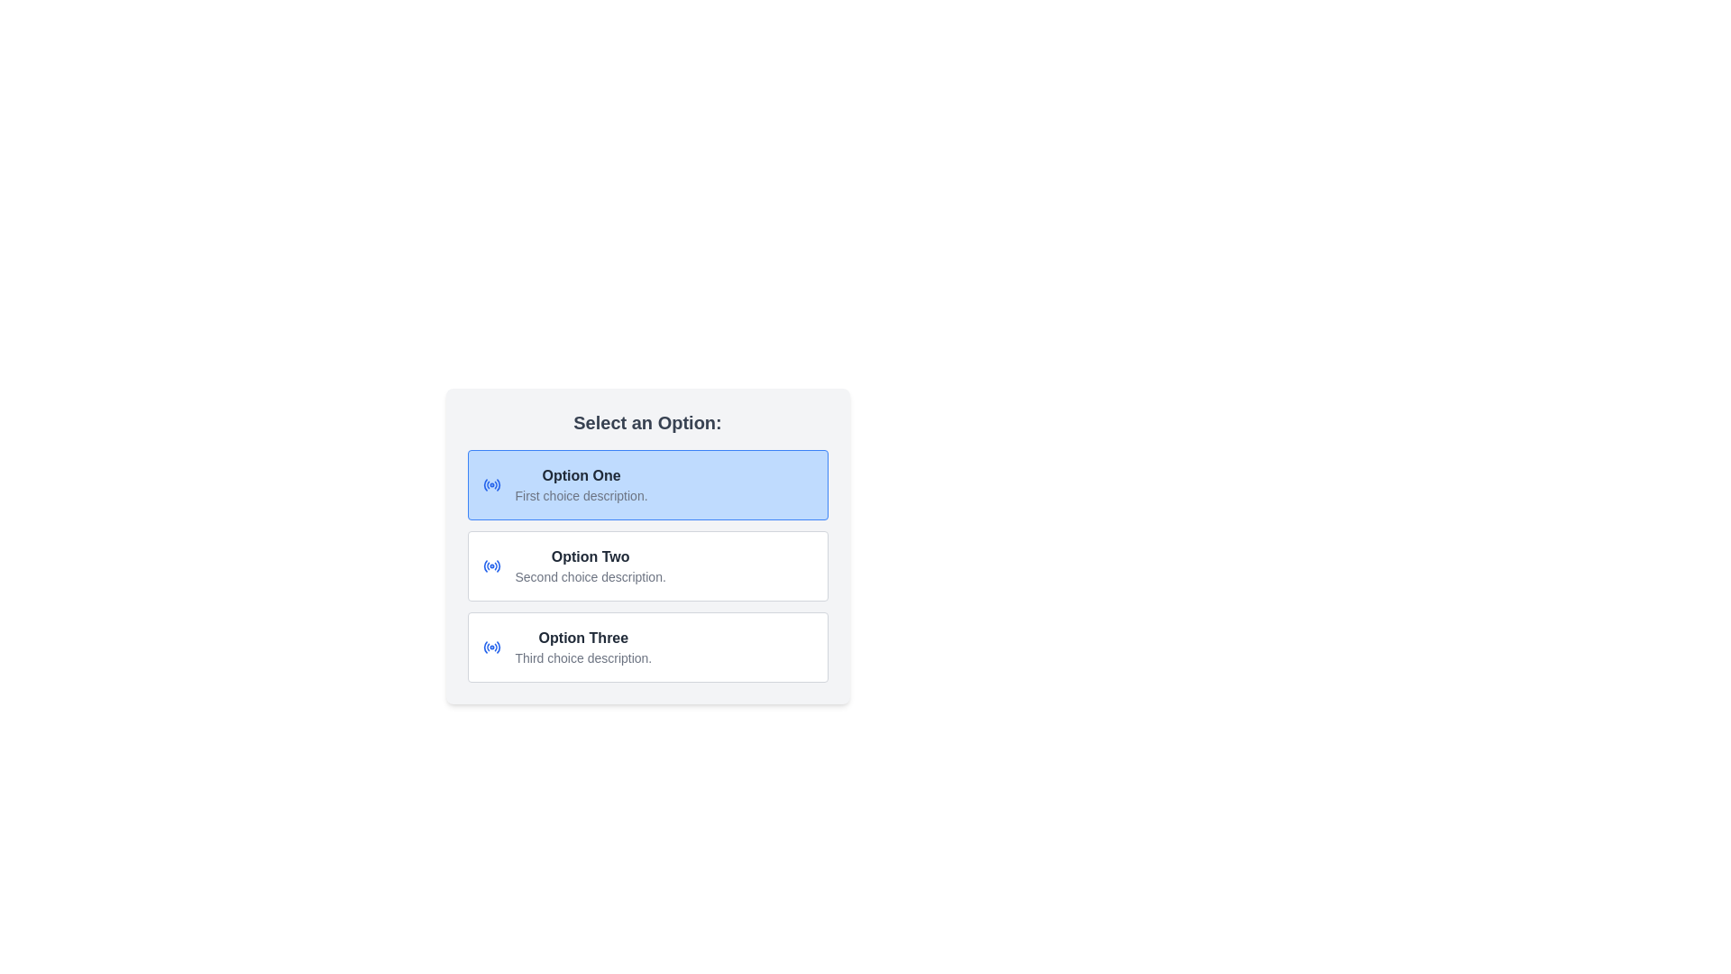 The height and width of the screenshot is (974, 1731). I want to click on the leftmost icon representing the active selection of 'Option One' in the vertically stacked list of options, so click(491, 483).